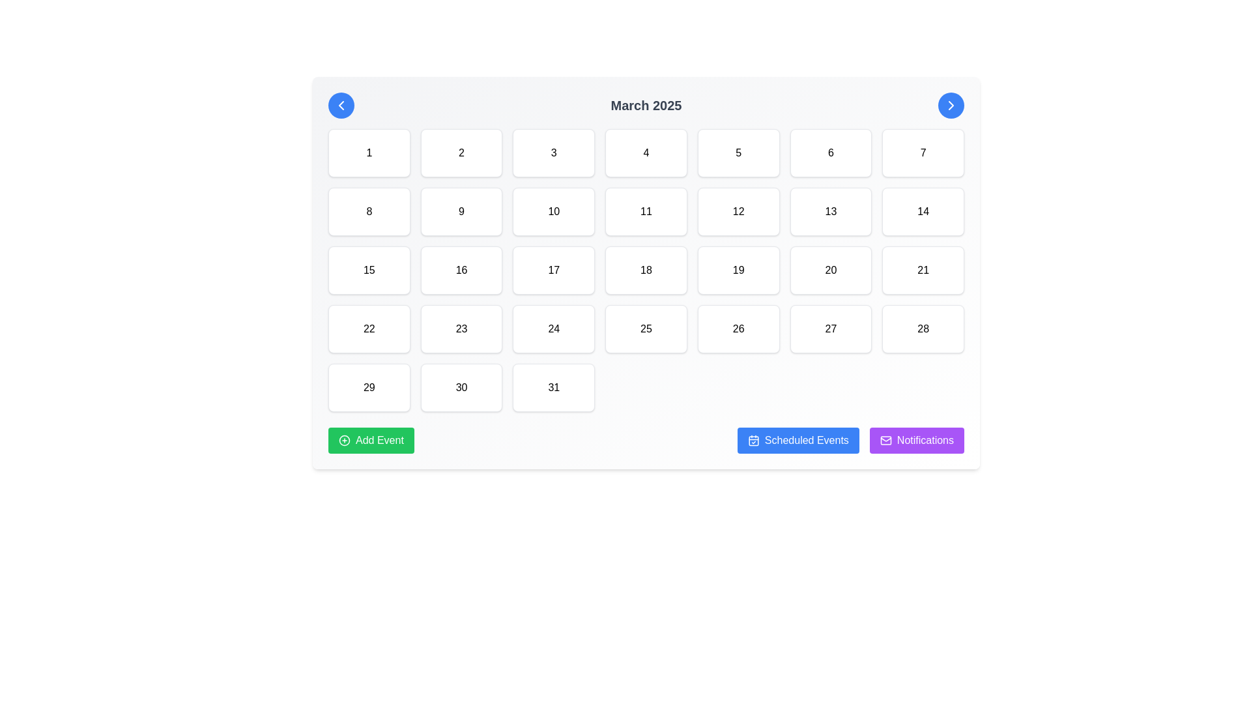 This screenshot has height=704, width=1251. What do you see at coordinates (850, 440) in the screenshot?
I see `the 'Scheduled Events' button located in the Horizontal Button Group at the bottom right corner of the interface` at bounding box center [850, 440].